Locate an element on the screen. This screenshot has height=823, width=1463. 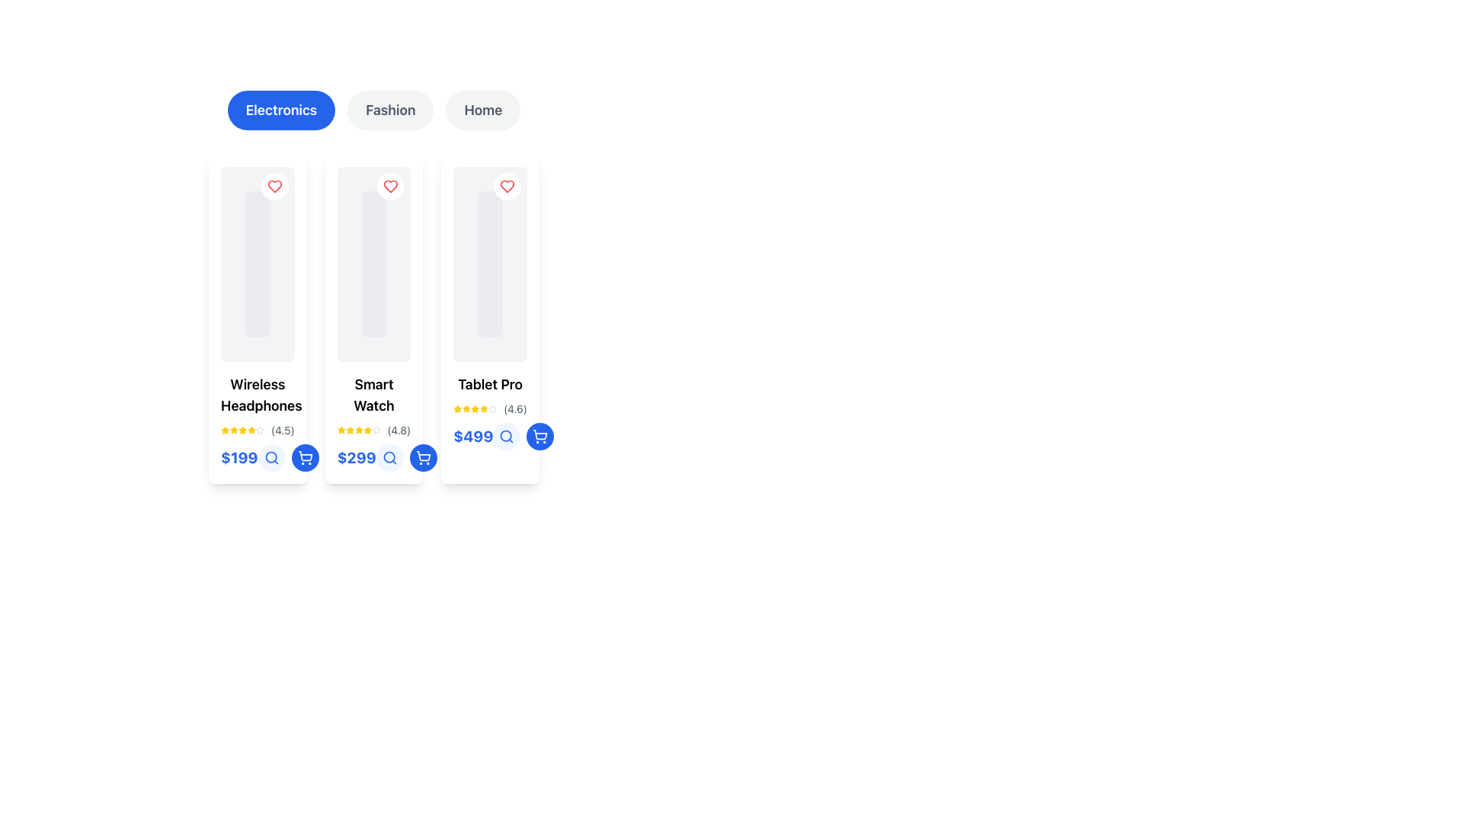
the Text label displaying the price of the 'Wireless Headphones' item, located at the bottom-left section of its card is located at coordinates (258, 457).